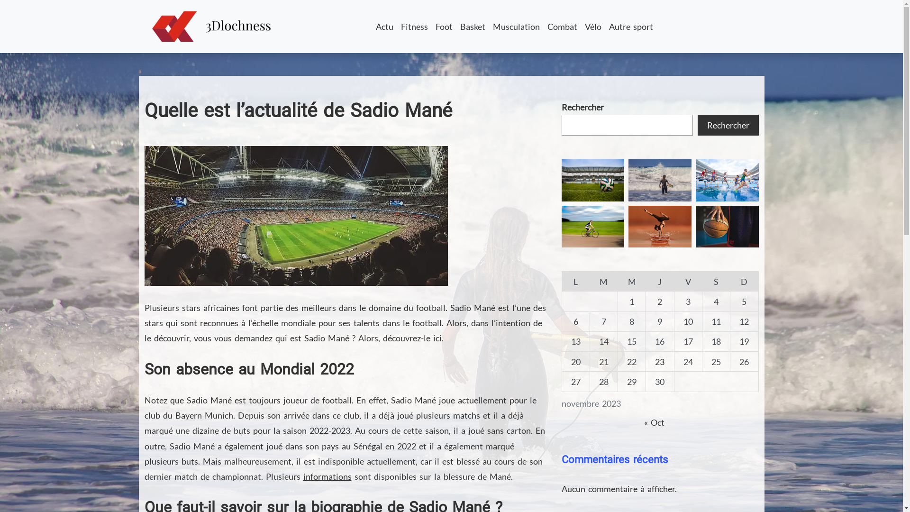  What do you see at coordinates (384, 26) in the screenshot?
I see `'Actu'` at bounding box center [384, 26].